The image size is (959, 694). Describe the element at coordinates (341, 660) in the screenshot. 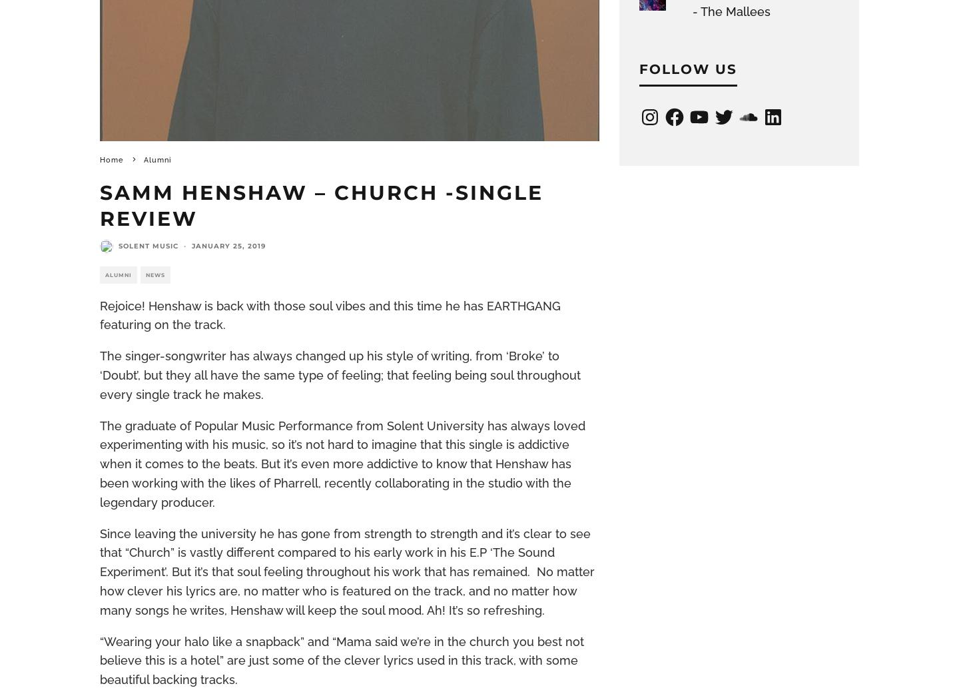

I see `'“Wearing your halo like a snapback” and “Mama said we’re in
the church you best not believe this is a hotel” are just some of the clever
lyrics used in this track, with some beautiful backing tracks.'` at that location.